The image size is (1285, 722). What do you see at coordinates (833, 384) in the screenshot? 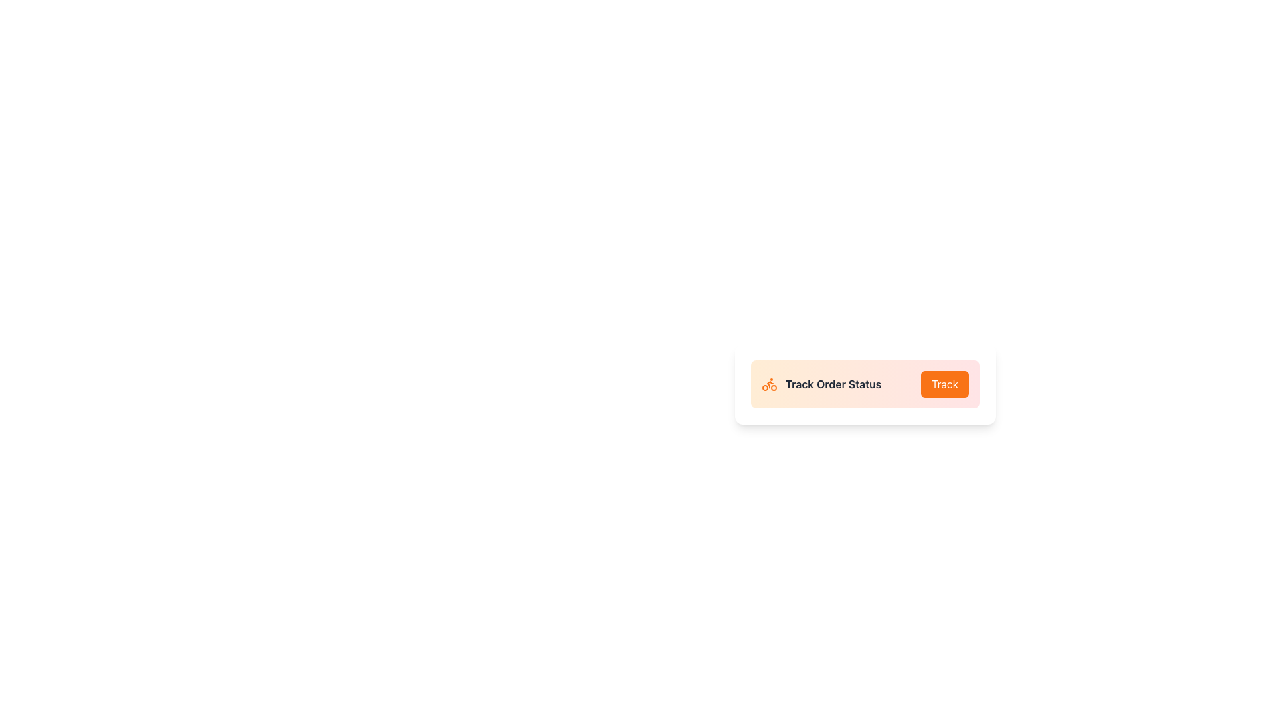
I see `the text label that reads 'Track Order Status', which is styled in bold gray and is positioned between an orange bike icon and a 'Track' button` at bounding box center [833, 384].